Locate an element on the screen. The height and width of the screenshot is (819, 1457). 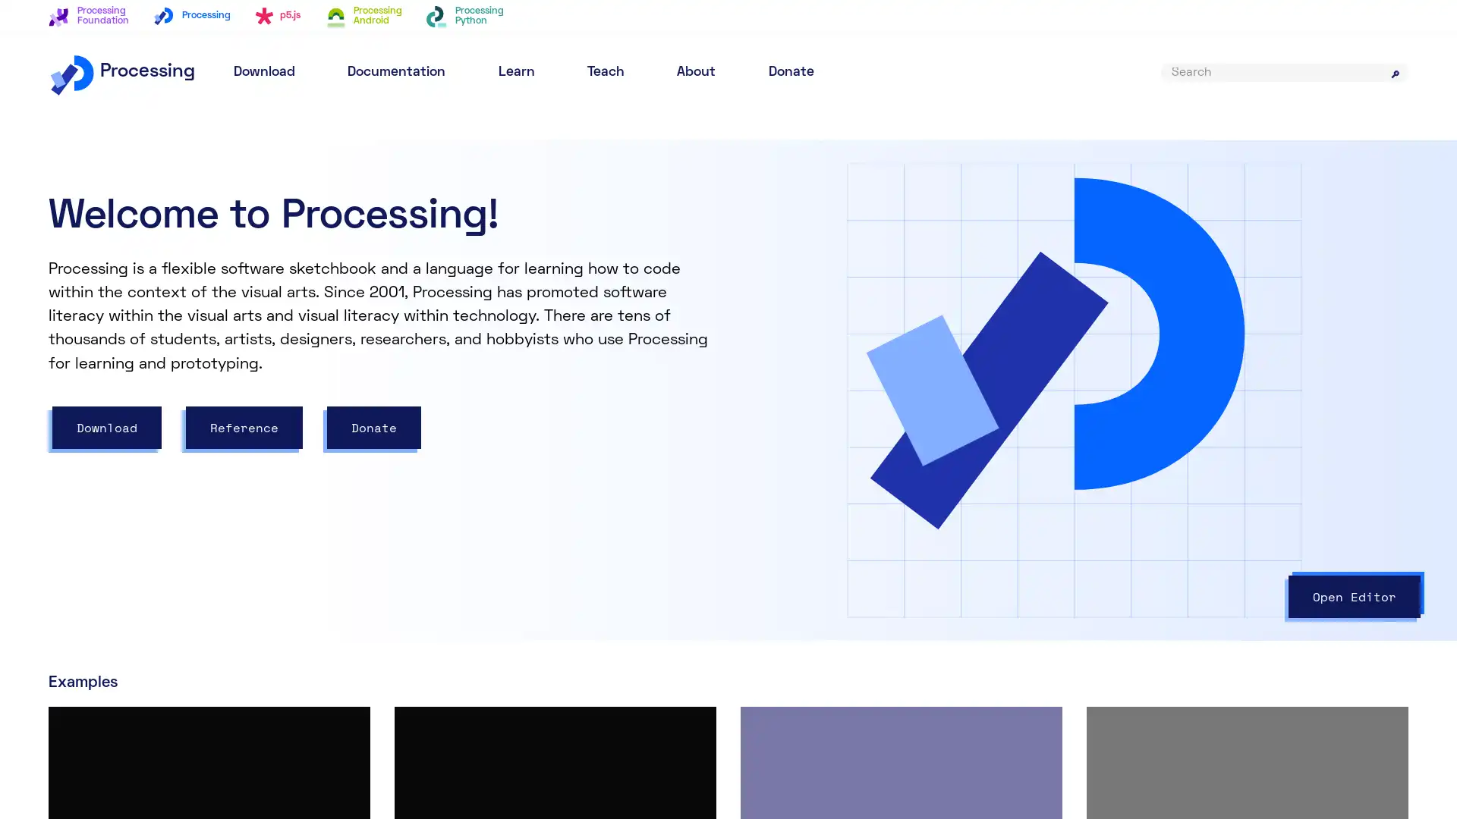
About is located at coordinates (695, 71).